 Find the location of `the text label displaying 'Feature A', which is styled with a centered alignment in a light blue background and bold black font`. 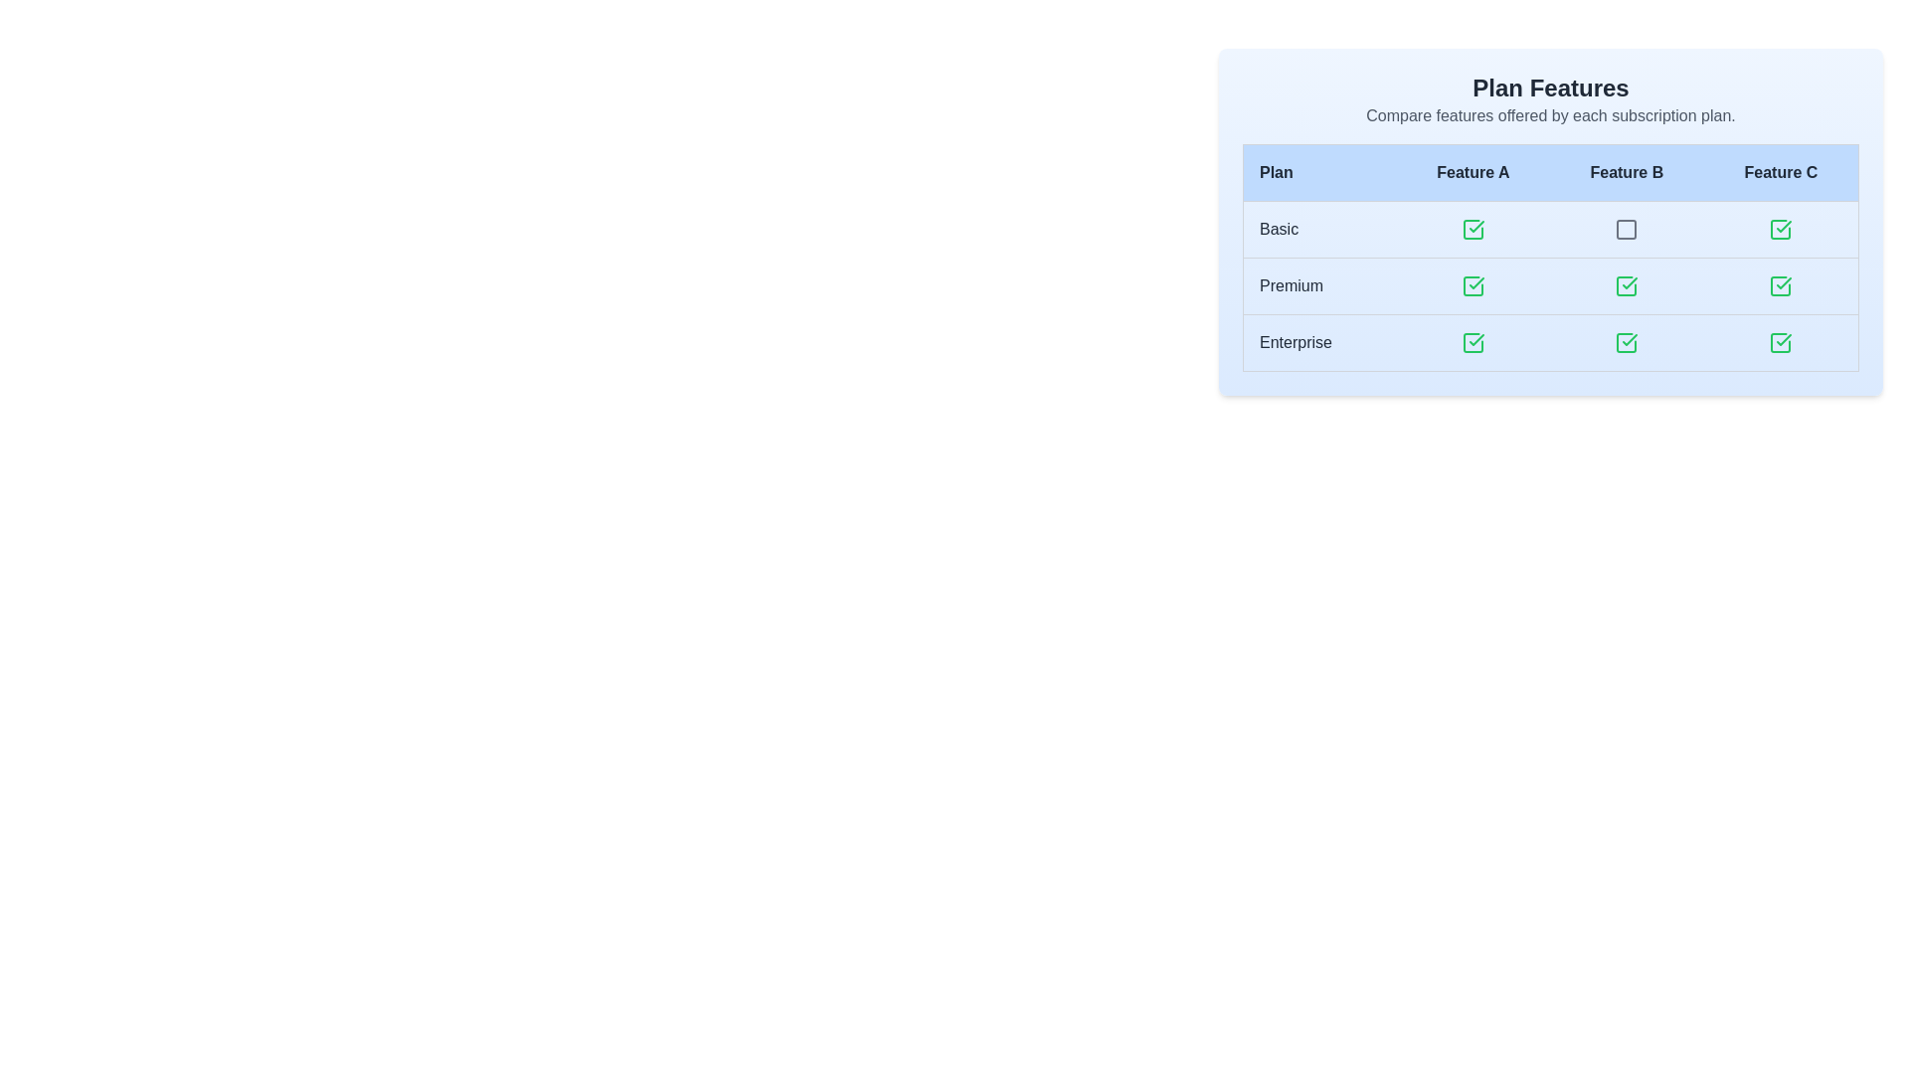

the text label displaying 'Feature A', which is styled with a centered alignment in a light blue background and bold black font is located at coordinates (1473, 171).